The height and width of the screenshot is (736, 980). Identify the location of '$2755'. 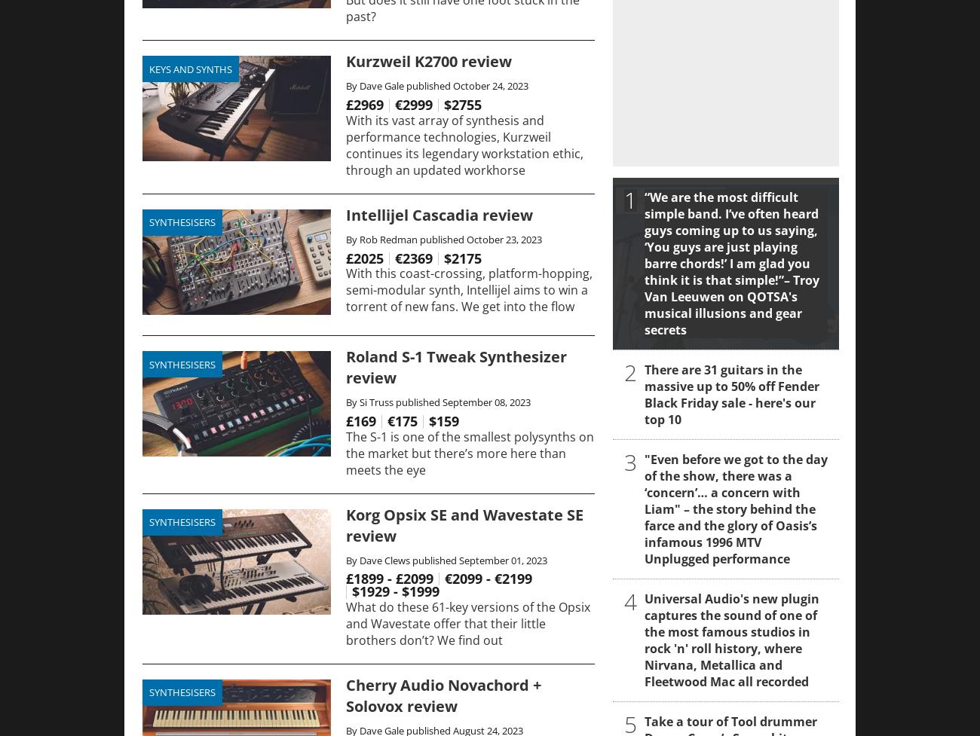
(462, 103).